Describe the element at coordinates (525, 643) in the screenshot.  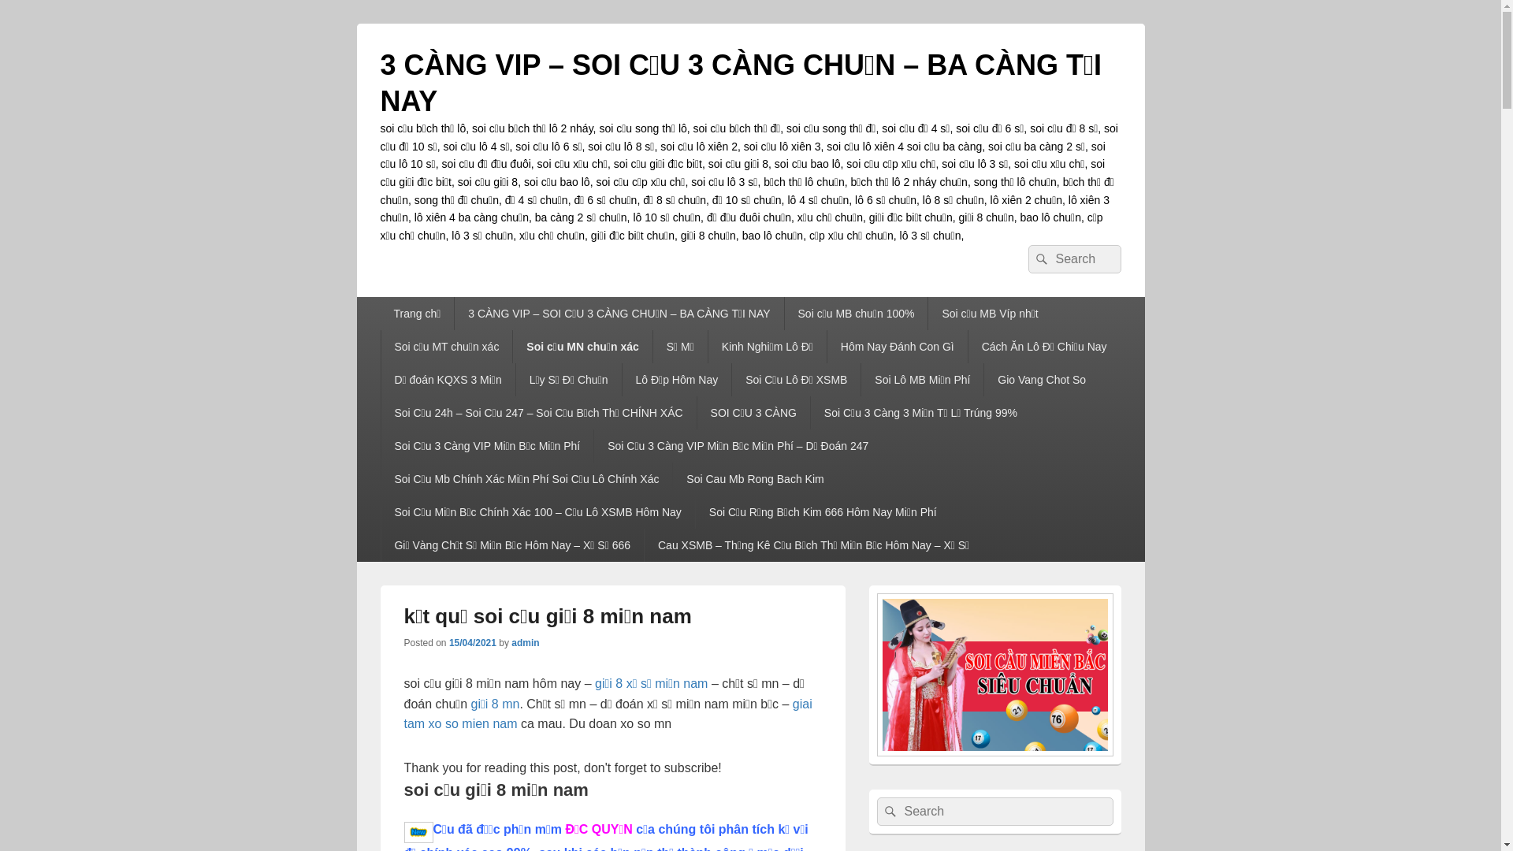
I see `'admin'` at that location.